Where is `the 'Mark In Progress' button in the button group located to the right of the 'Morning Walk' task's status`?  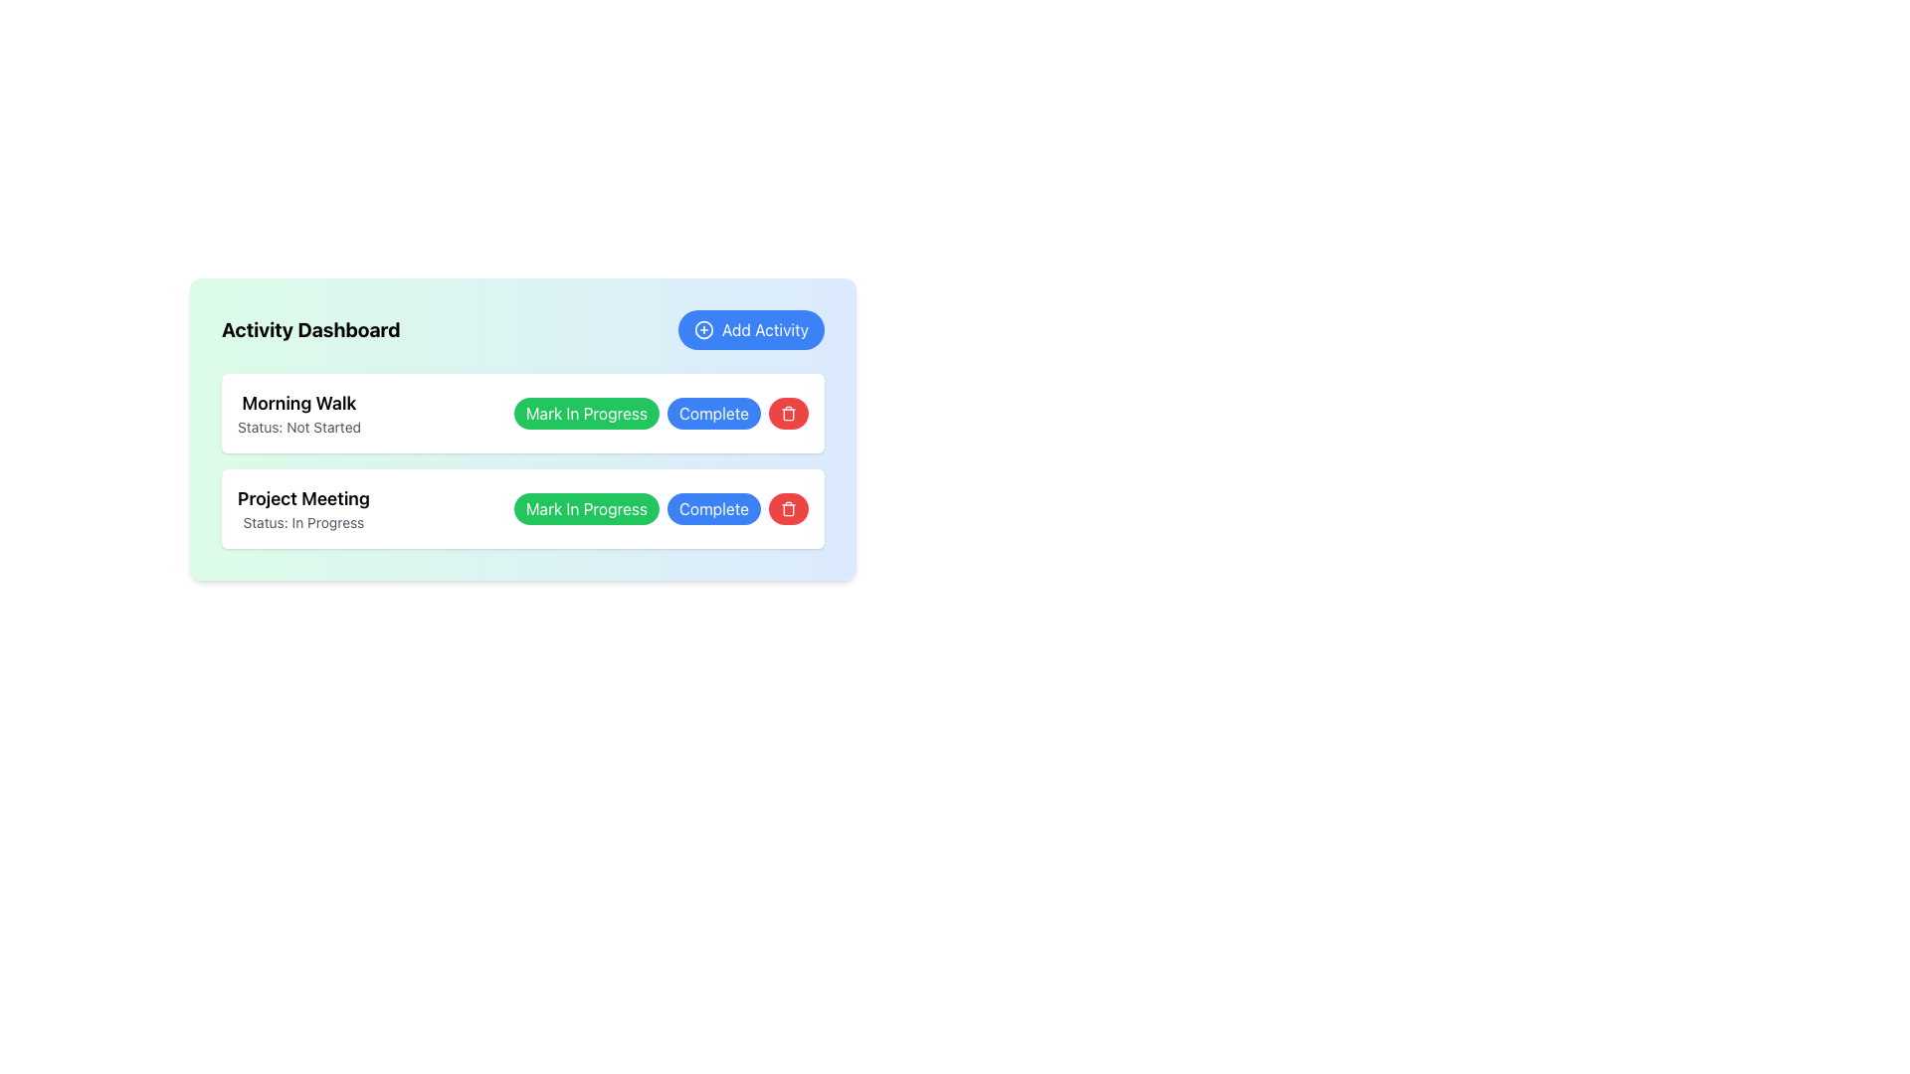 the 'Mark In Progress' button in the button group located to the right of the 'Morning Walk' task's status is located at coordinates (661, 413).